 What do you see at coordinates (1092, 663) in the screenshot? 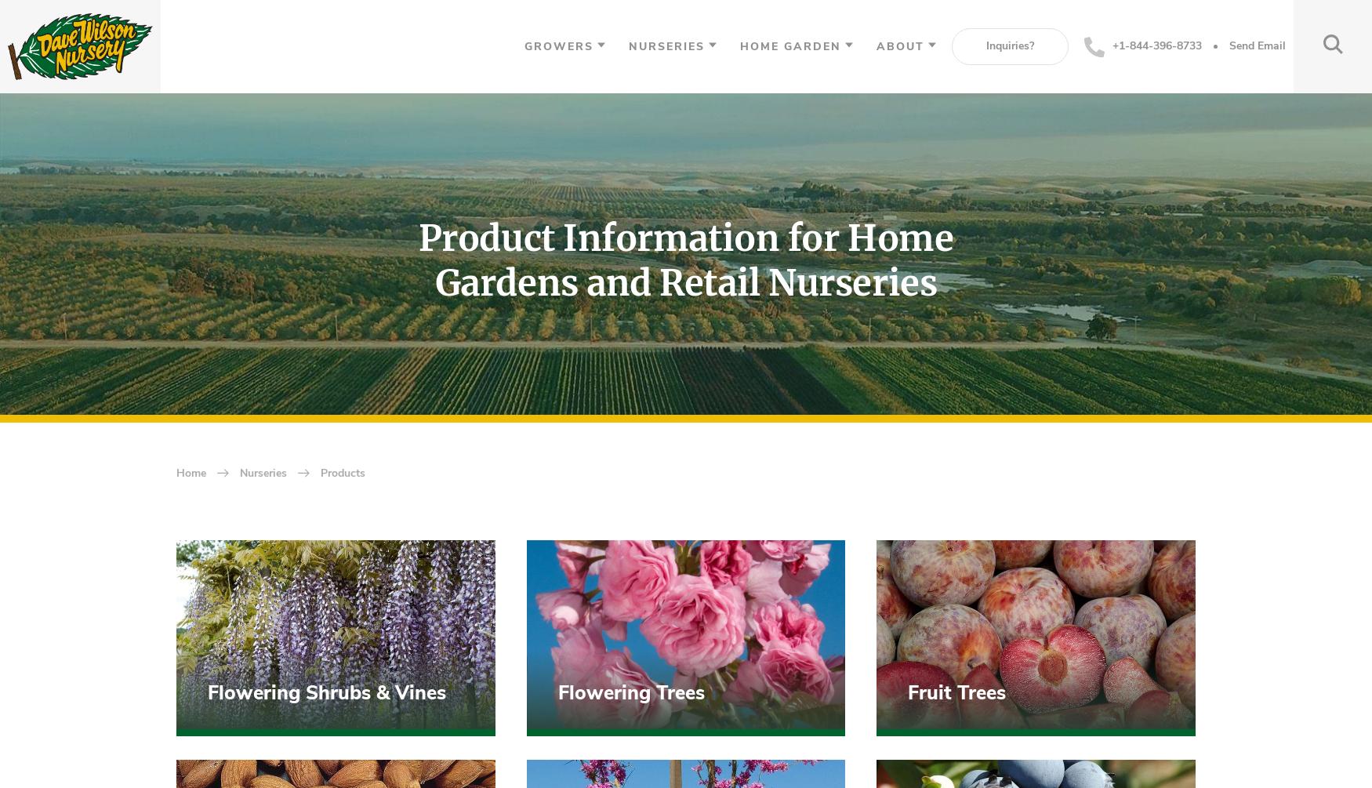
I see `'Send Message'` at bounding box center [1092, 663].